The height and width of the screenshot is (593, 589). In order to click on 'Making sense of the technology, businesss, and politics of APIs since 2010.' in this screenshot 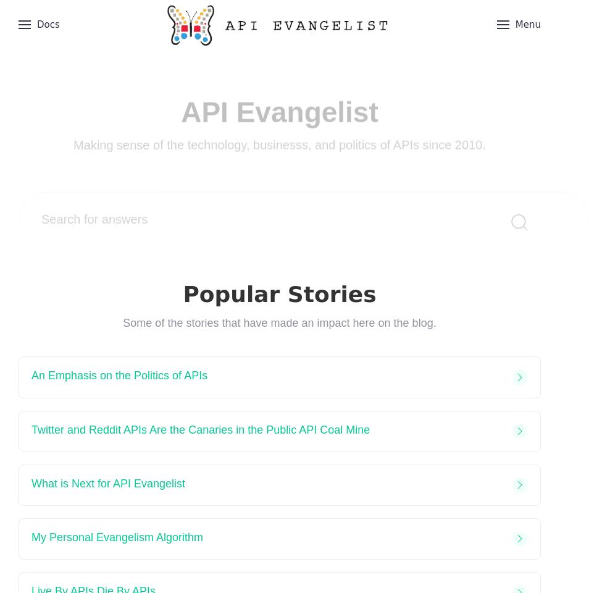, I will do `click(279, 123)`.